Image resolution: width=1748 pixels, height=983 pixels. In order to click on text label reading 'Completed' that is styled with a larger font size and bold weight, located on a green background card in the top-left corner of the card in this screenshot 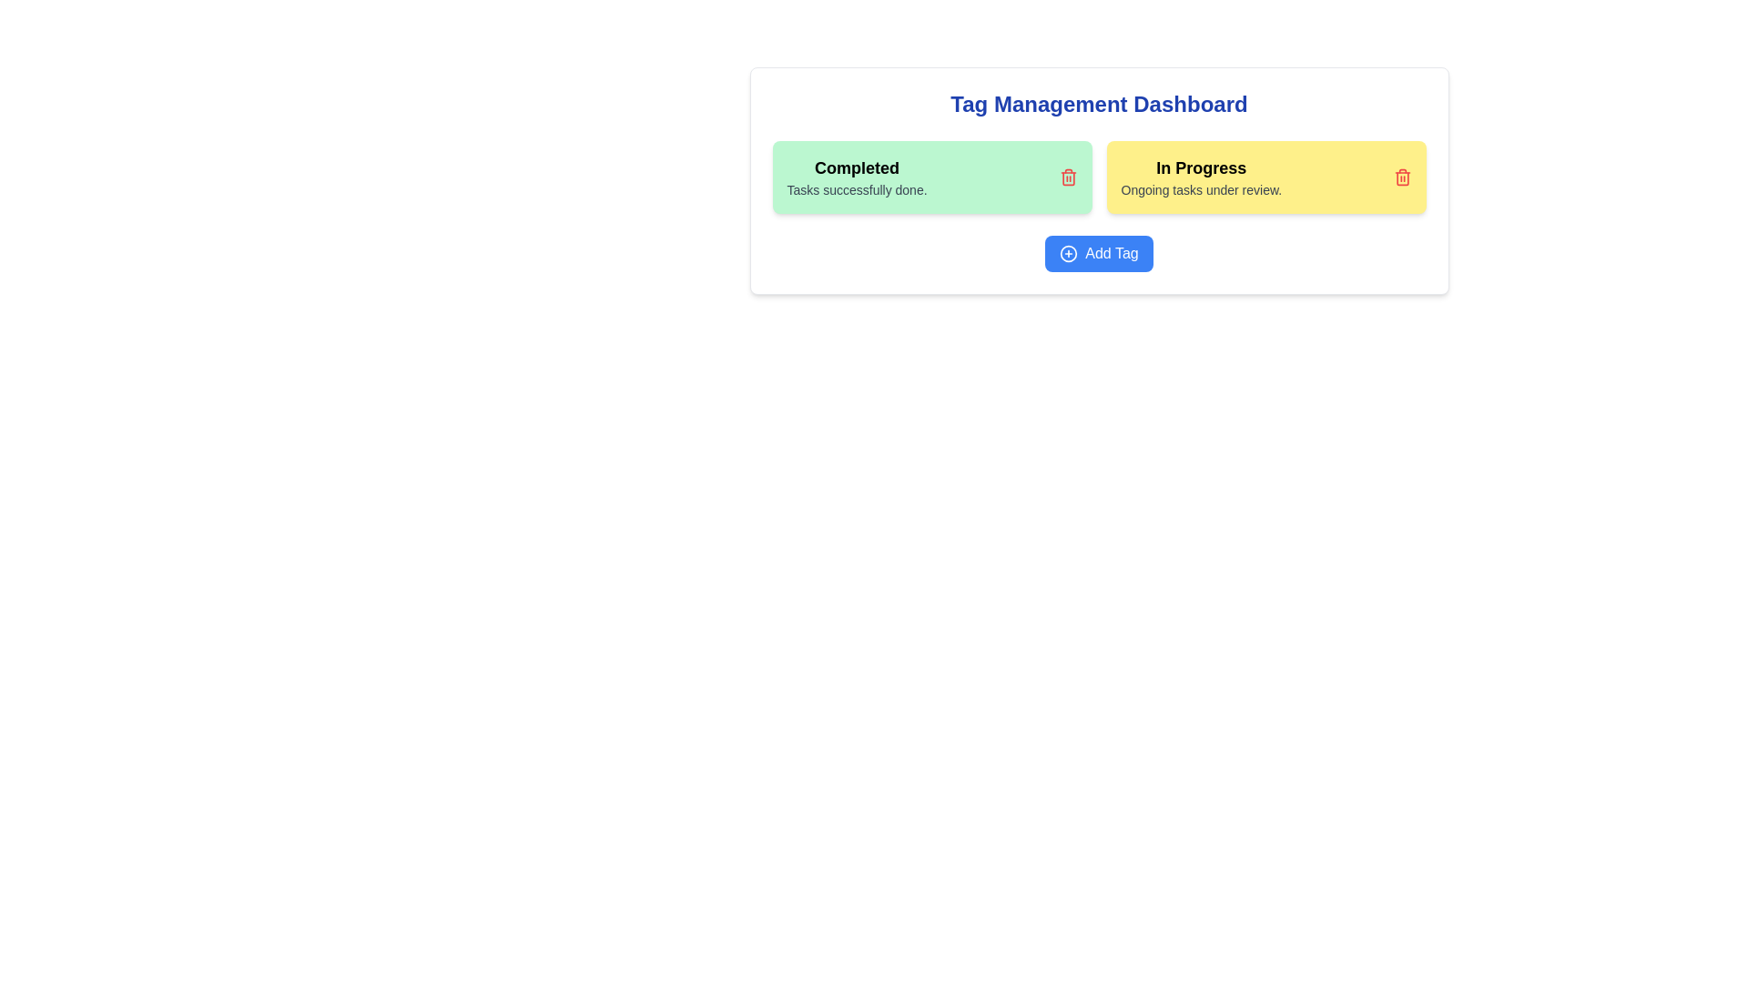, I will do `click(856, 168)`.